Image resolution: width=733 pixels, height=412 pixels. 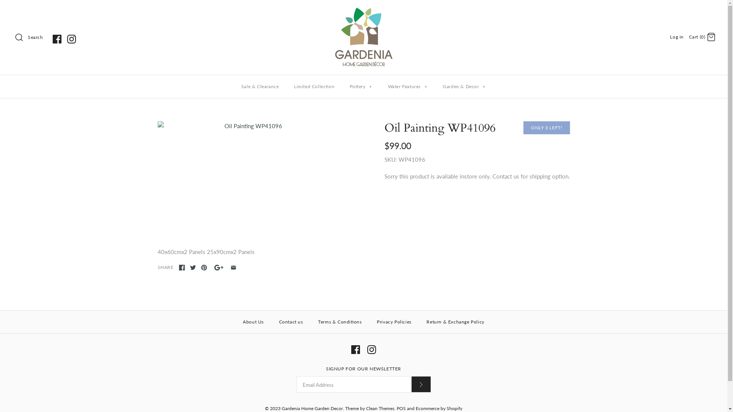 What do you see at coordinates (260, 86) in the screenshot?
I see `'Sale & Clearance'` at bounding box center [260, 86].